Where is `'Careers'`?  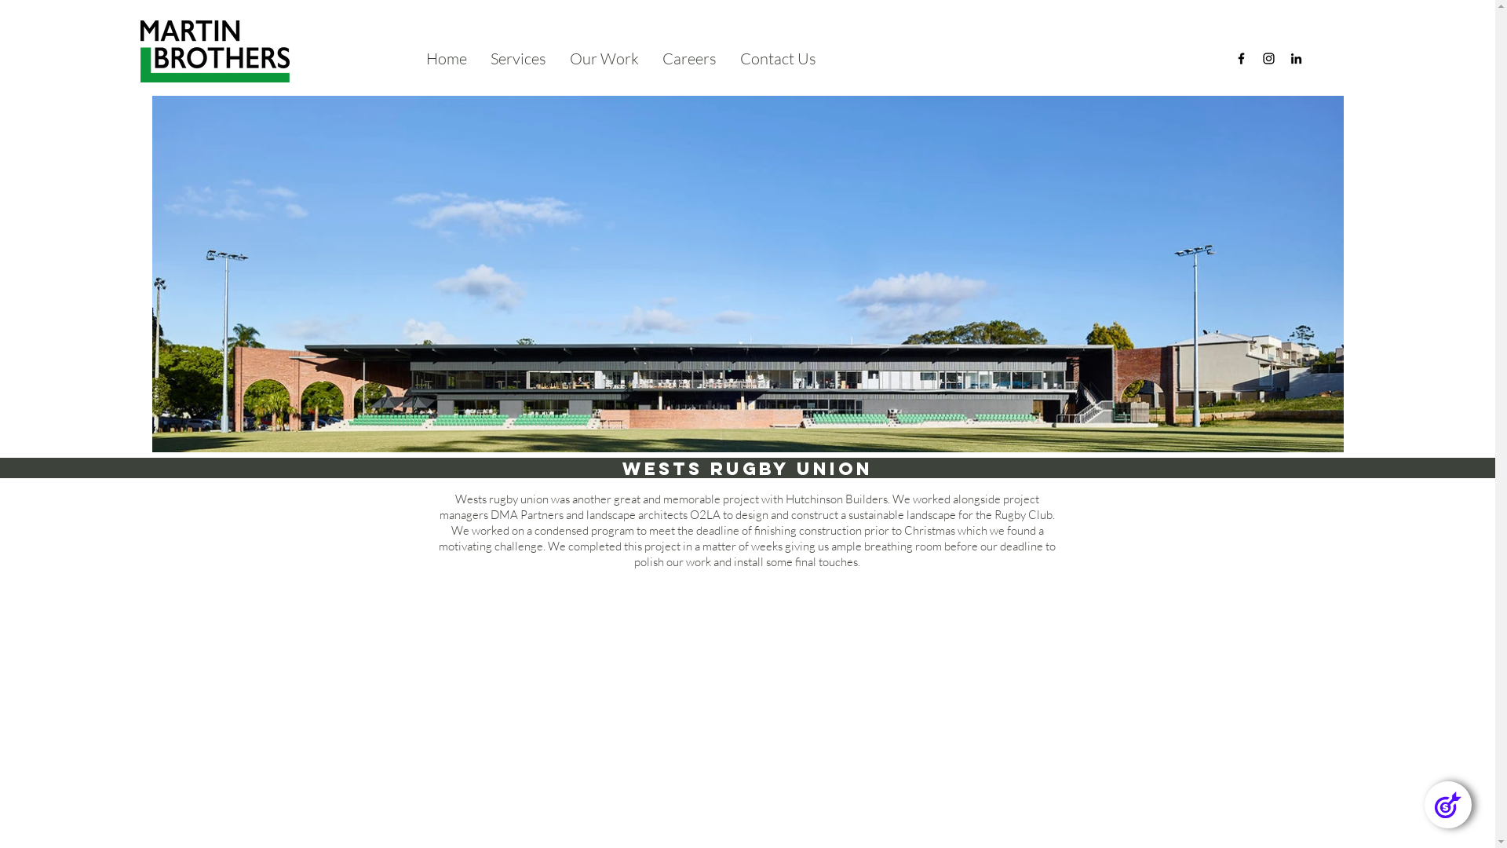 'Careers' is located at coordinates (651, 57).